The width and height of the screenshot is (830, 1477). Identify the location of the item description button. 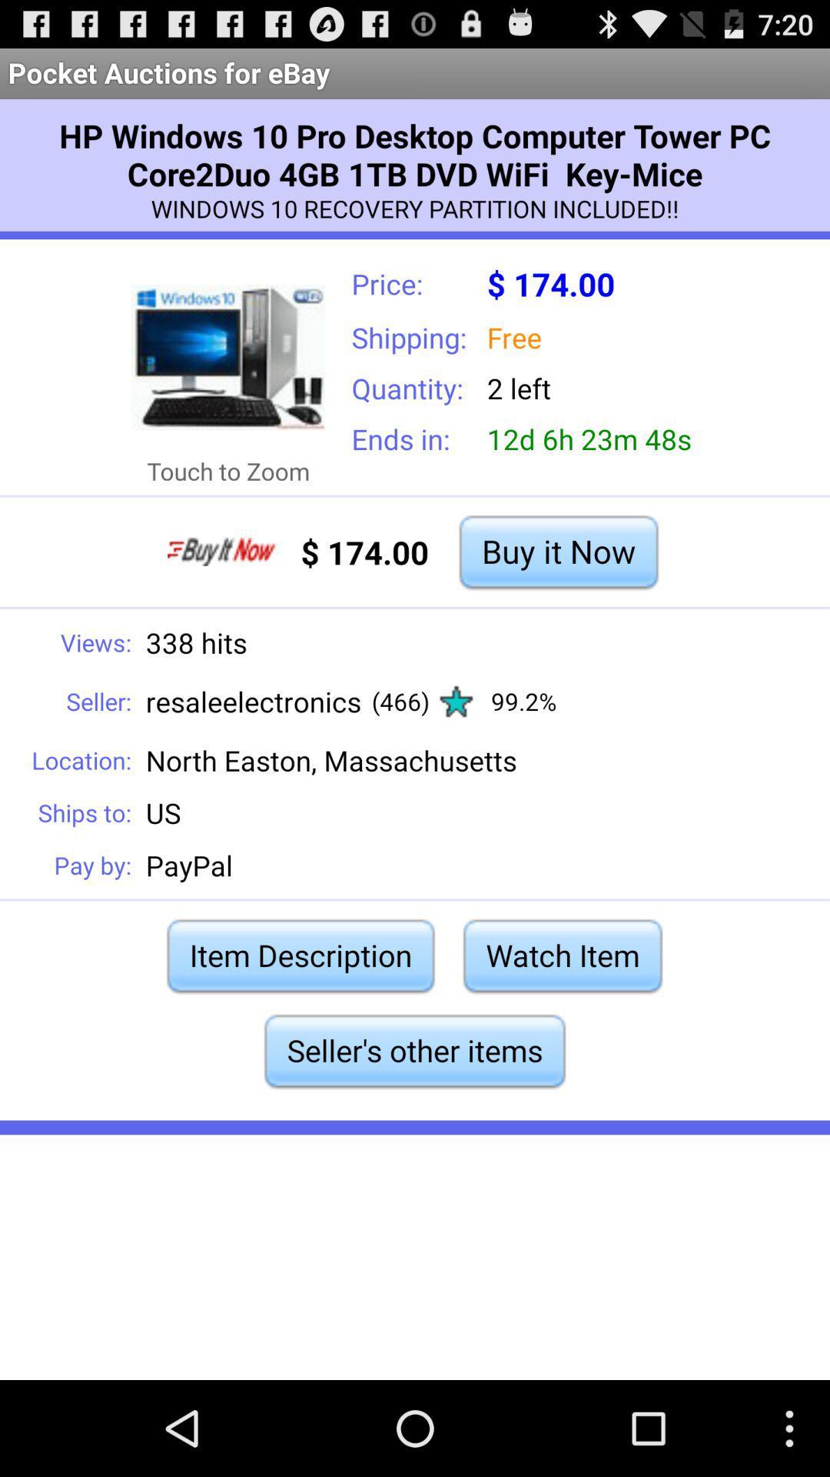
(300, 955).